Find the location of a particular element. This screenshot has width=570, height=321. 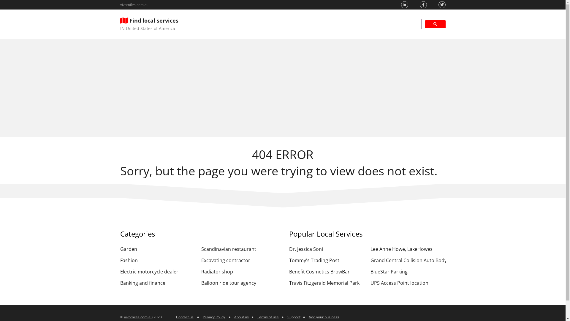

'Find local services is located at coordinates (149, 24).